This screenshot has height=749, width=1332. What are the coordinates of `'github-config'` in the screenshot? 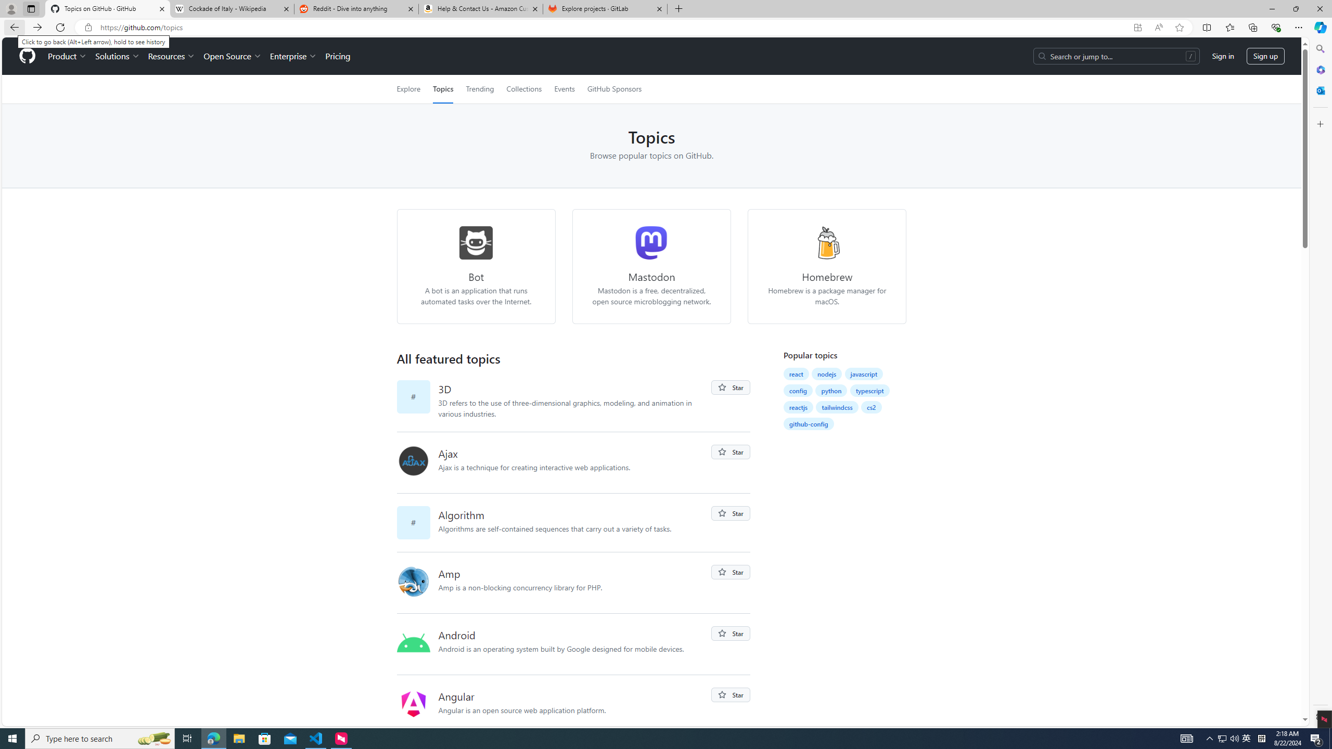 It's located at (808, 424).